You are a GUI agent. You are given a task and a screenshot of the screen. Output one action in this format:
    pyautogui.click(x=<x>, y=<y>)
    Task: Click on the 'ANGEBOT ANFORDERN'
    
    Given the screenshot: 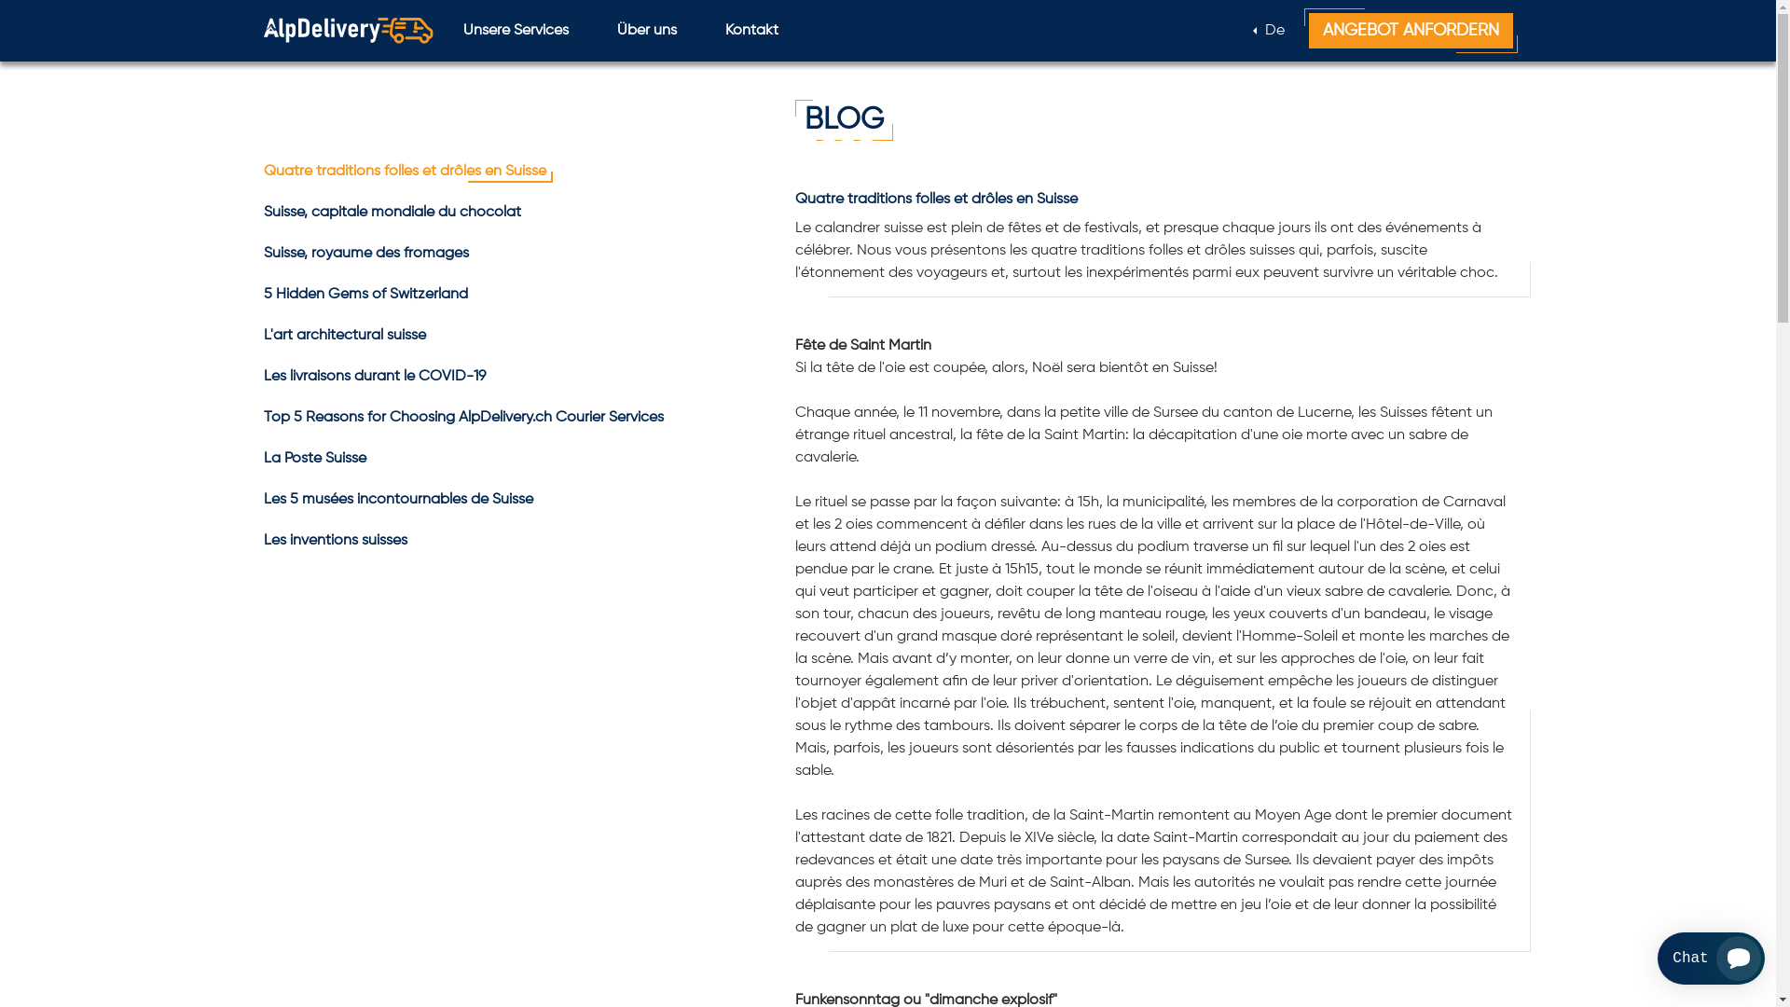 What is the action you would take?
    pyautogui.click(x=1411, y=31)
    